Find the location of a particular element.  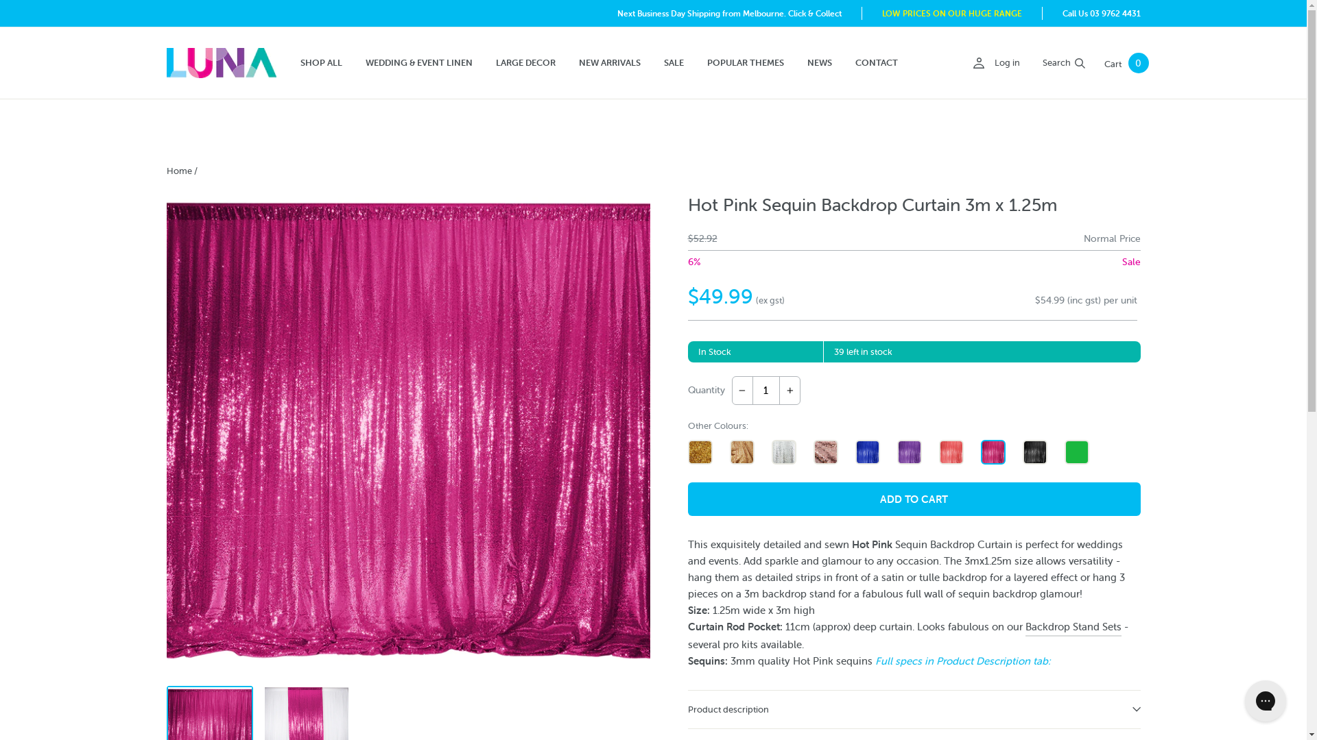

'LOW PRICES ON OUR HUGE RANGE' is located at coordinates (951, 13).